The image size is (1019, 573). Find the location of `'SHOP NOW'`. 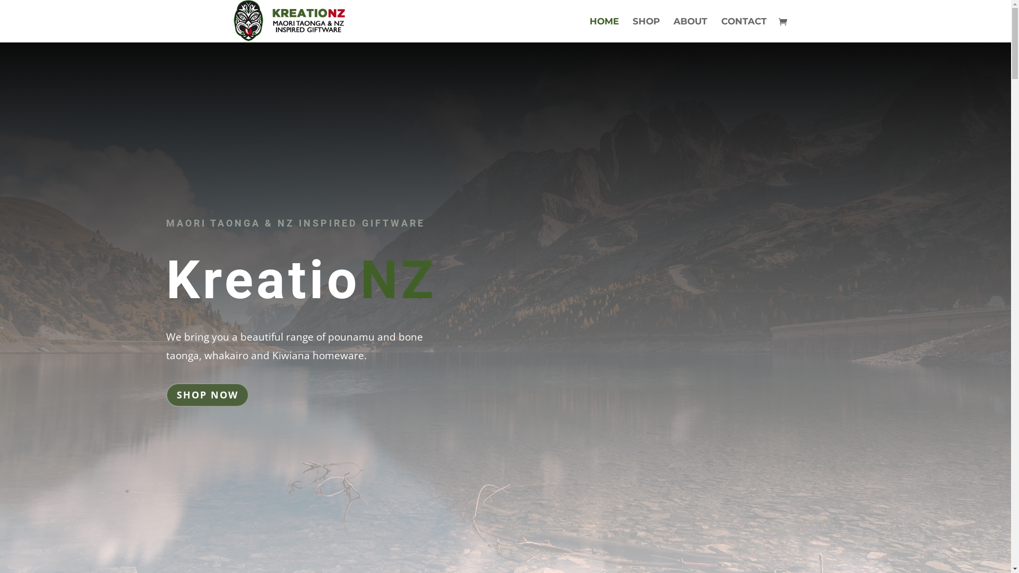

'SHOP NOW' is located at coordinates (206, 395).